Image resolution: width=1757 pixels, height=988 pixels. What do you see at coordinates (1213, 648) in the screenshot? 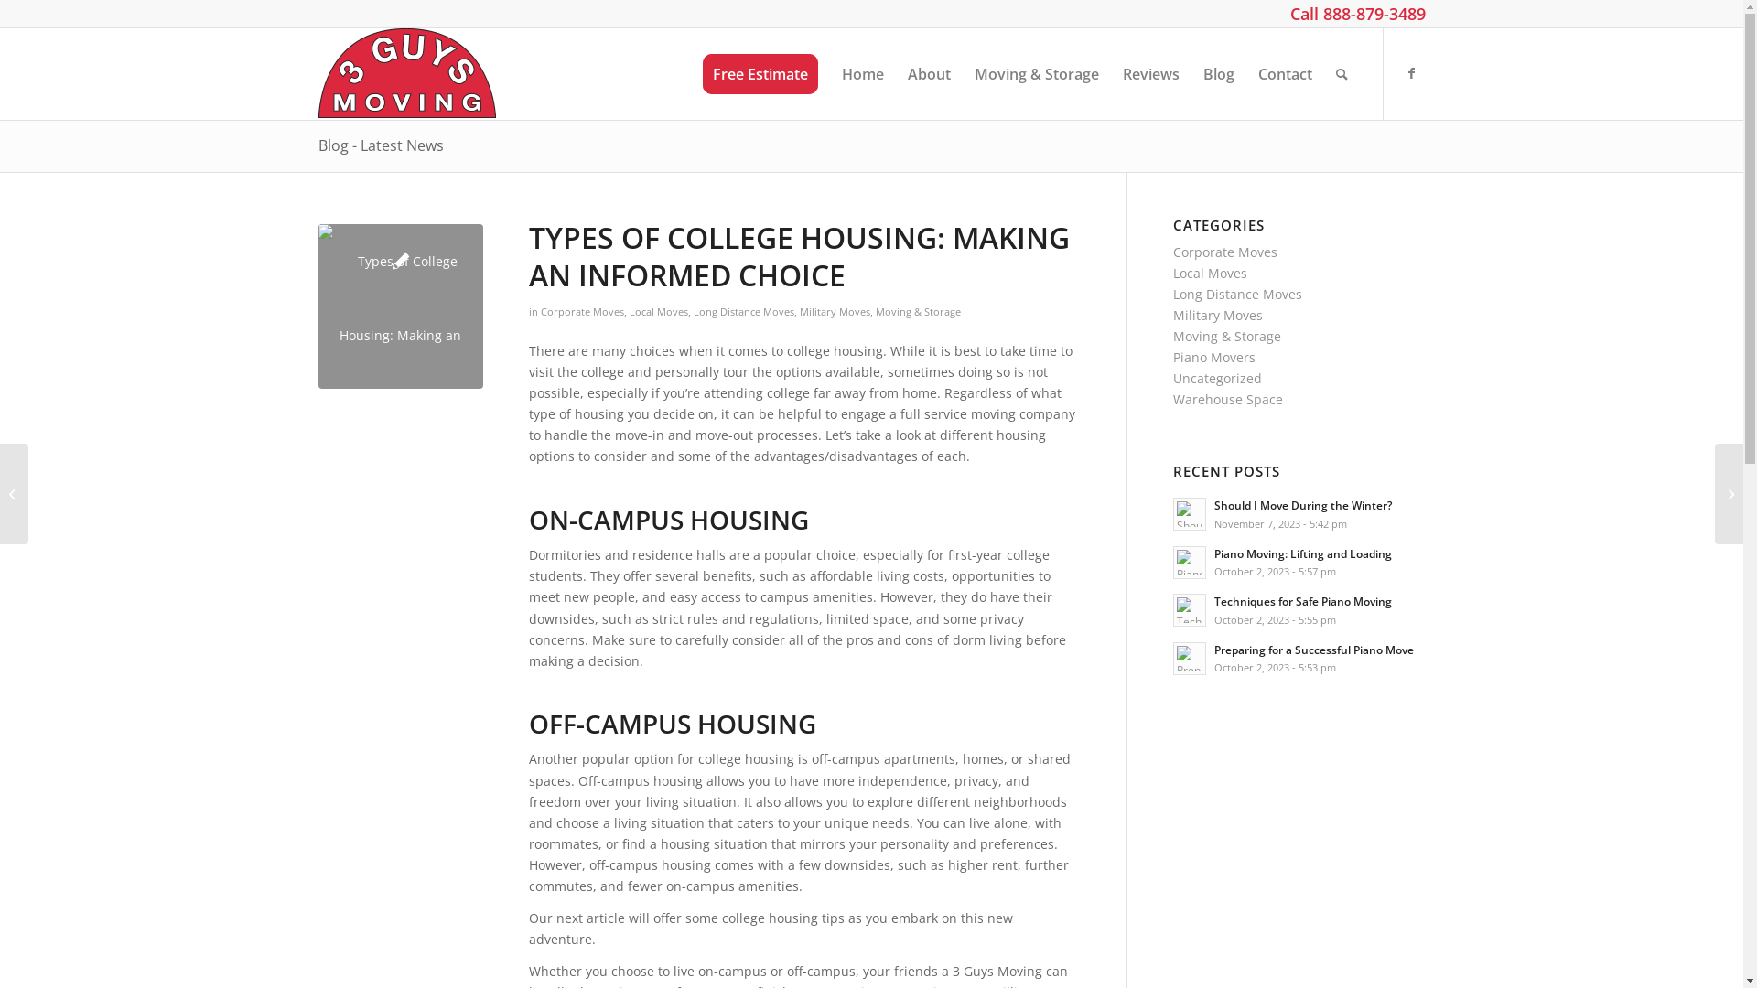
I see `'Preparing for a Successful Piano Move'` at bounding box center [1213, 648].